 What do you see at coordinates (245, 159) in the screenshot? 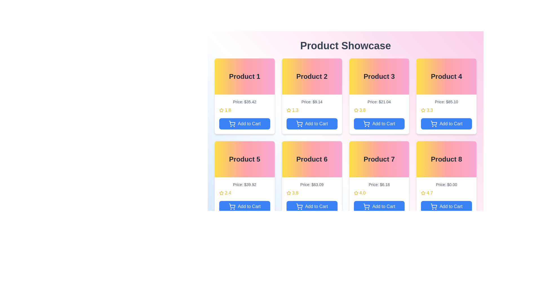
I see `the text label reading 'Product 5', which is styled with a bold font and large size, located in the center of the second row, first column of the product grid` at bounding box center [245, 159].